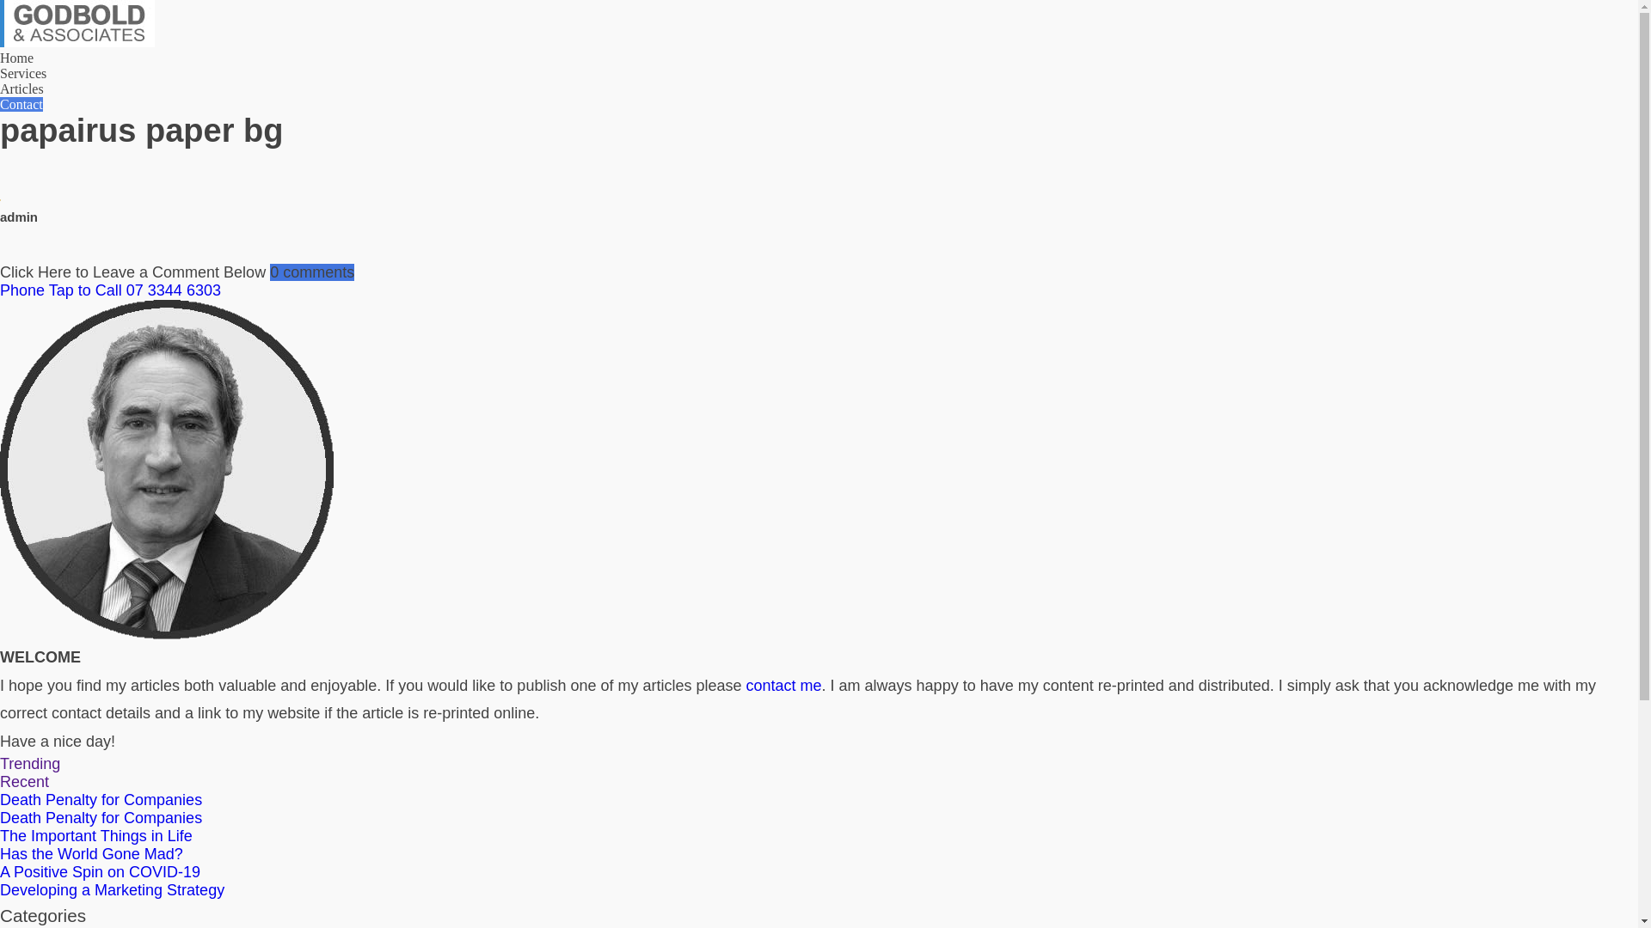 This screenshot has height=928, width=1651. Describe the element at coordinates (100, 817) in the screenshot. I see `'Death Penalty for Companies'` at that location.